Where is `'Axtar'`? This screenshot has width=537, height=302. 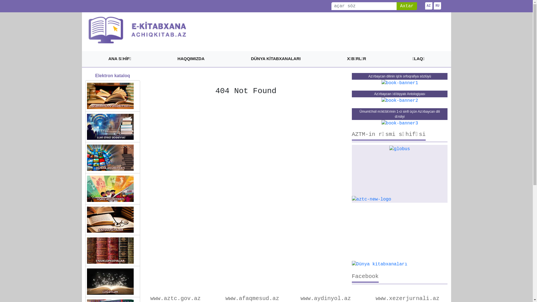 'Axtar' is located at coordinates (396, 6).